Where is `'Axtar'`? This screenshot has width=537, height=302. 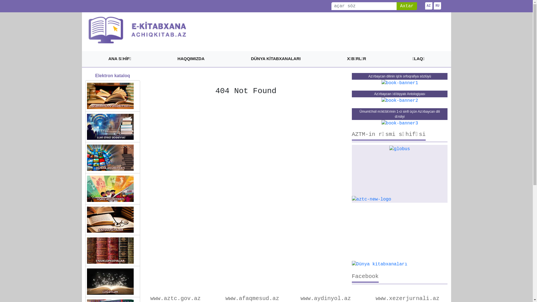 'Axtar' is located at coordinates (396, 6).